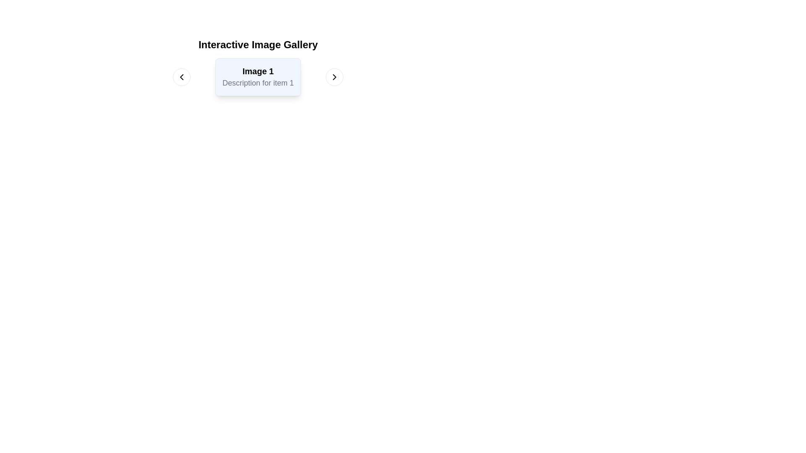 Image resolution: width=806 pixels, height=453 pixels. Describe the element at coordinates (181, 77) in the screenshot. I see `the left arrow icon button located in the top-left quadrant of the interface` at that location.